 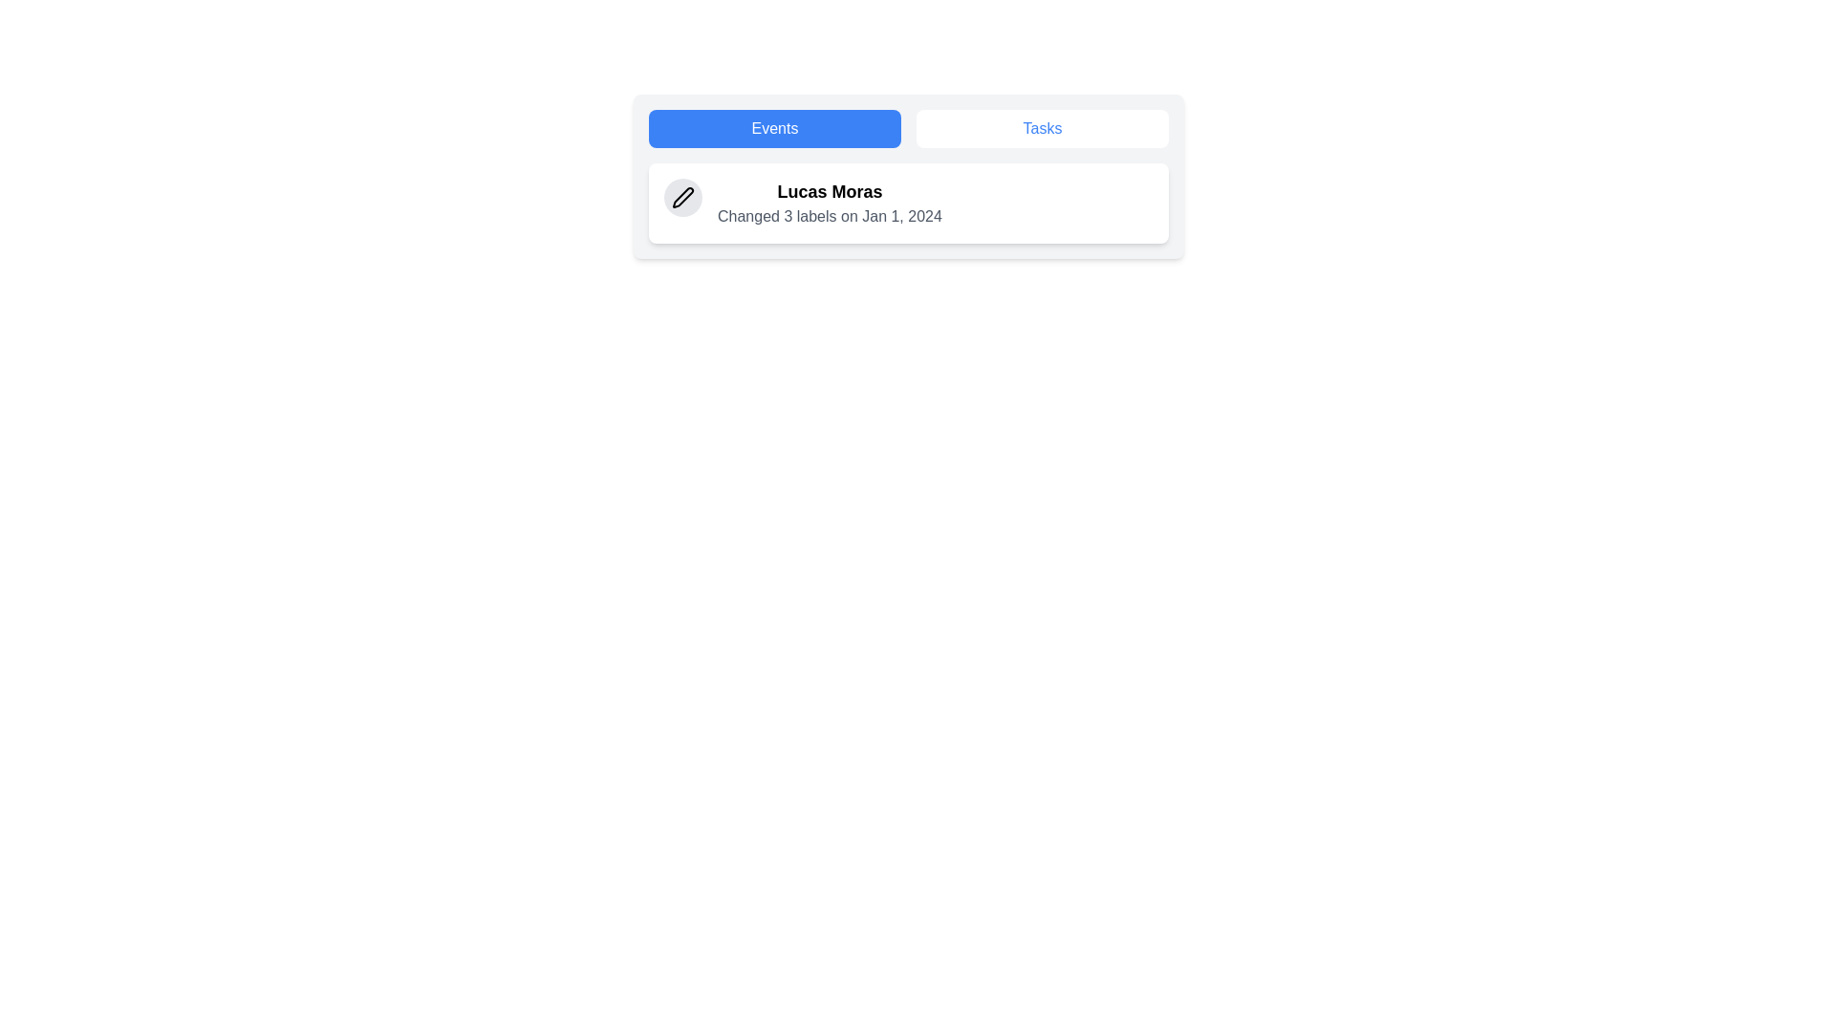 What do you see at coordinates (907, 203) in the screenshot?
I see `the text 'Lucas Moras' in the user activity component` at bounding box center [907, 203].